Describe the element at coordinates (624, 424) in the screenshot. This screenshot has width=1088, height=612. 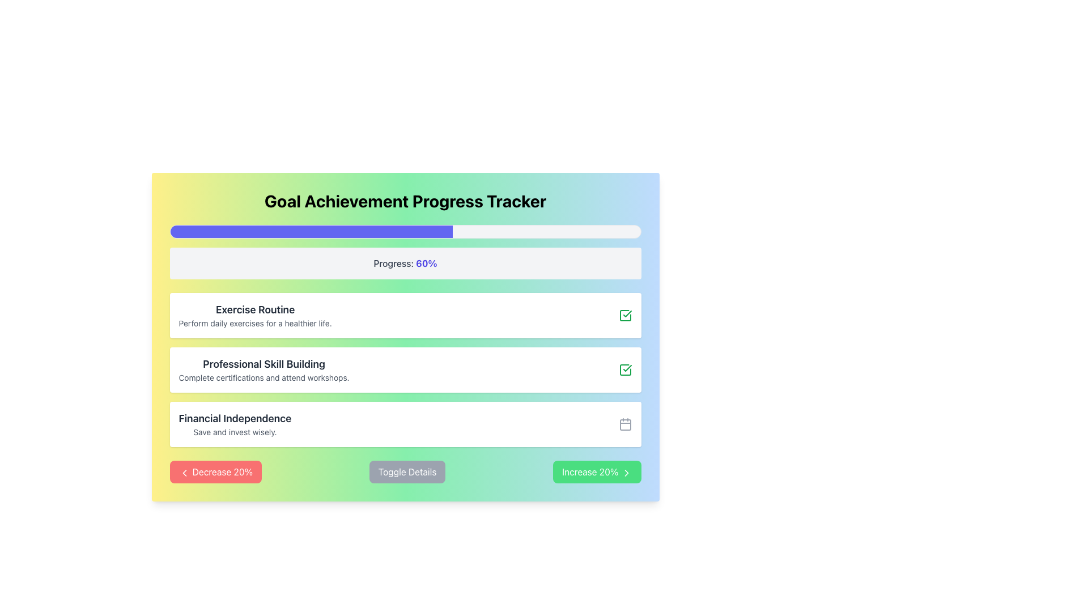
I see `the SVG calendar icon located at the far right edge of the third card titled 'Financial Independence' to interact with it` at that location.